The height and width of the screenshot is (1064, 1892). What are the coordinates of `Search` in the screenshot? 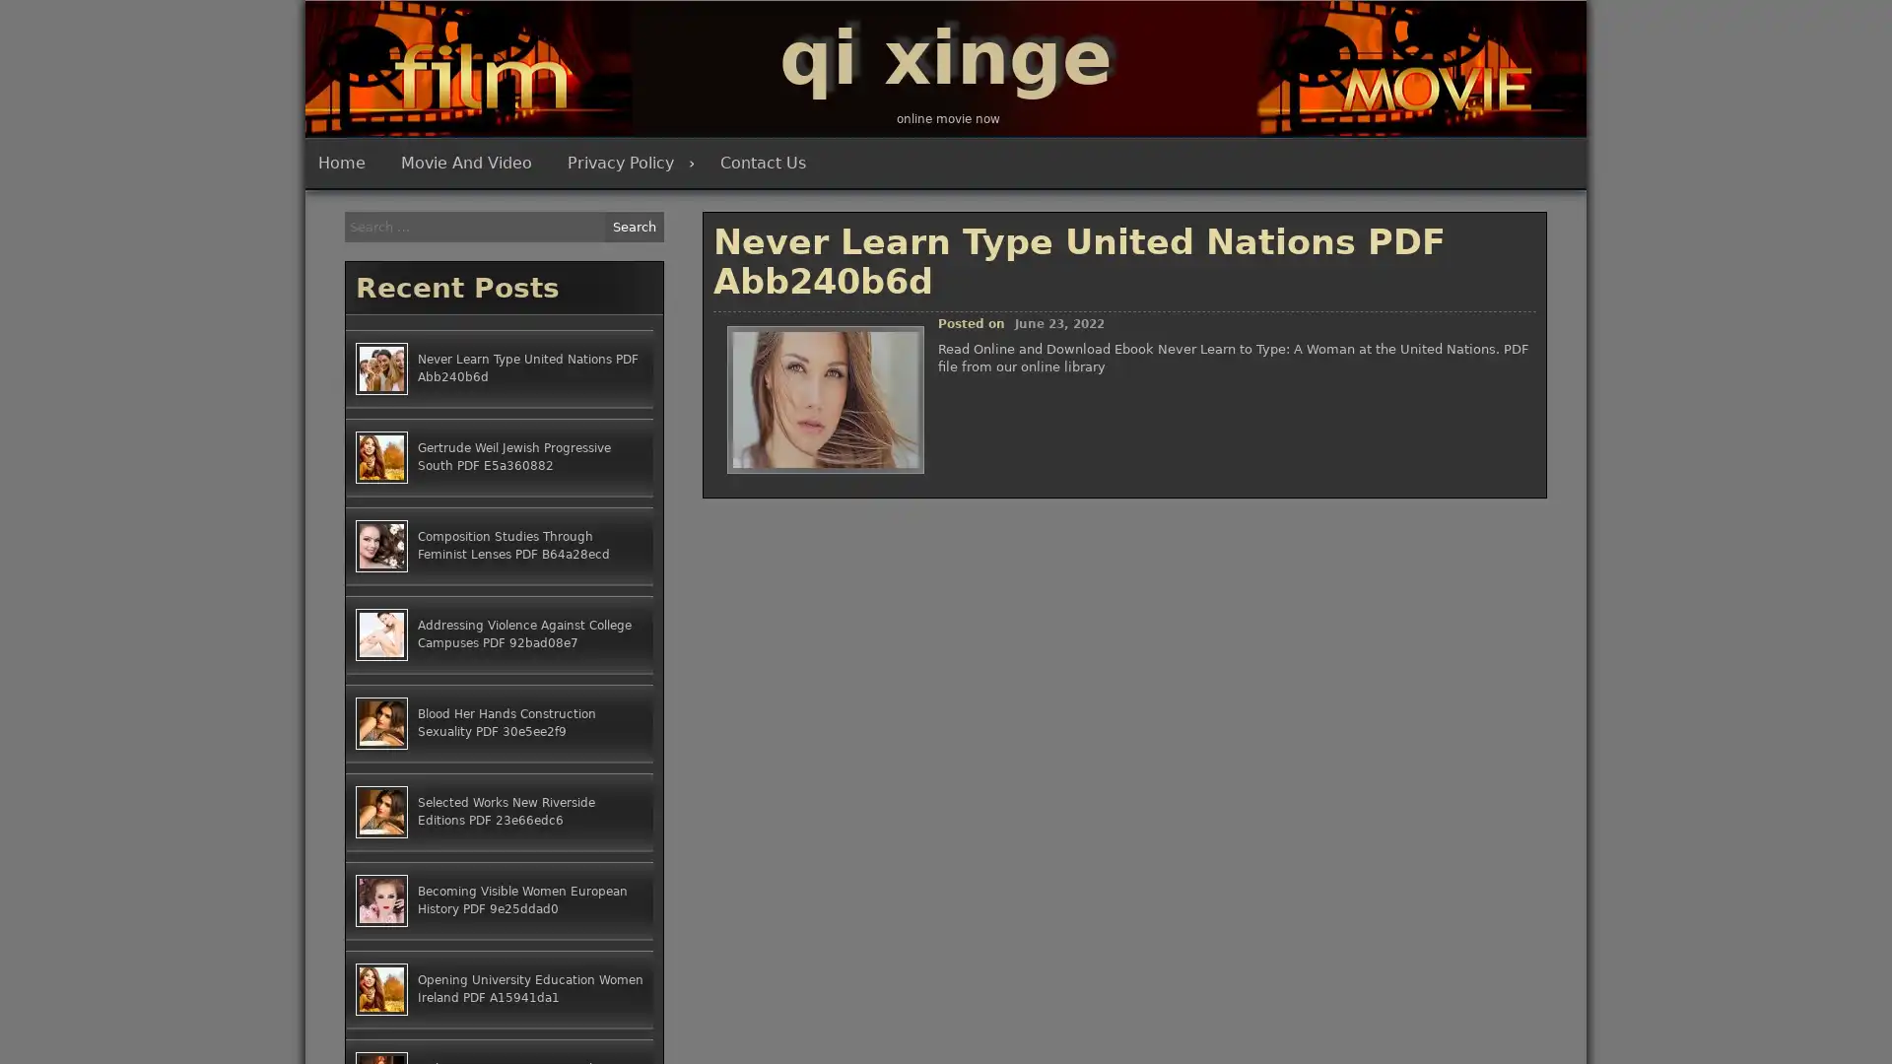 It's located at (634, 226).